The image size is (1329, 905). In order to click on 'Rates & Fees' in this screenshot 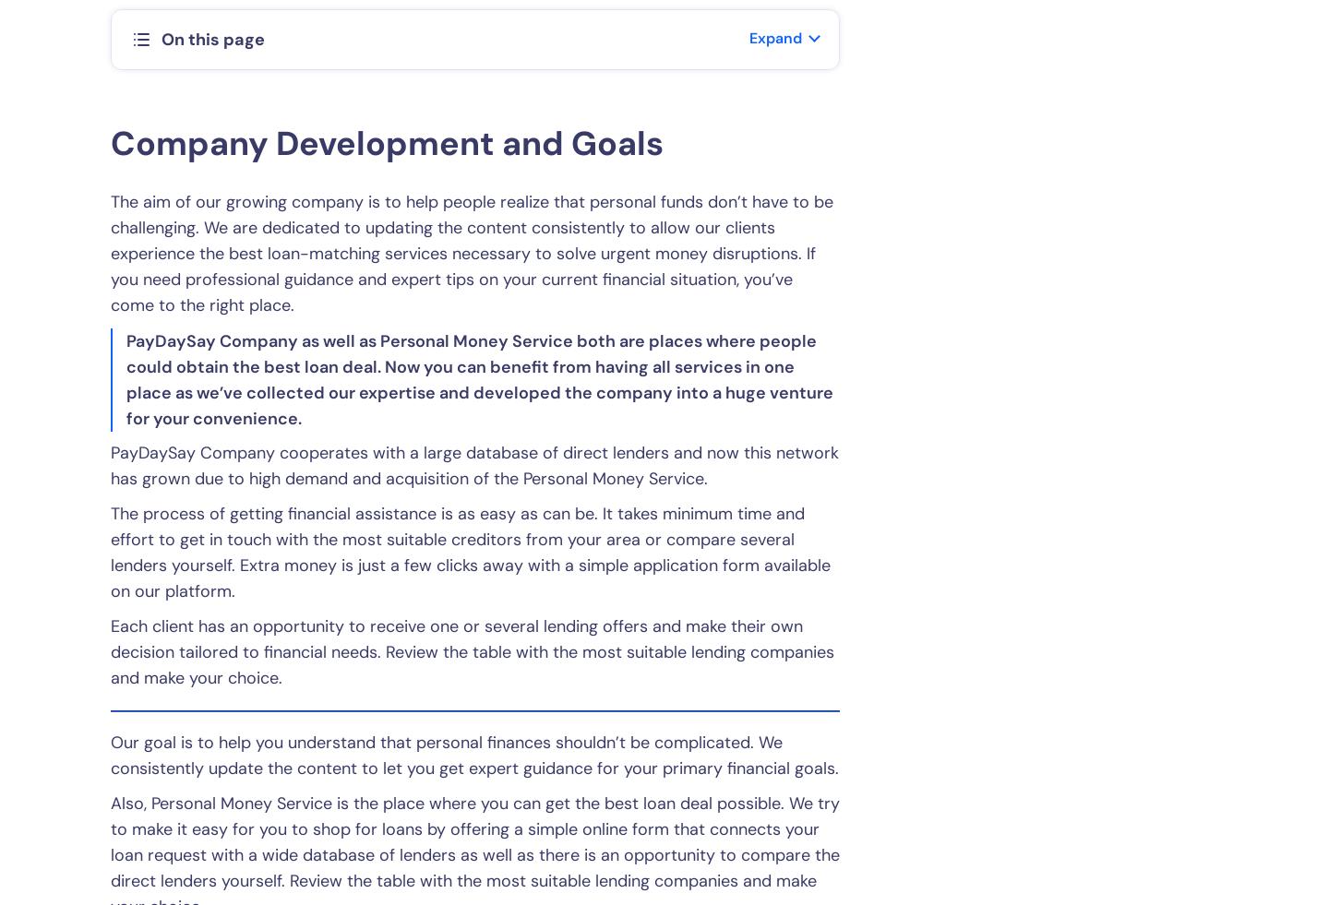, I will do `click(341, 518)`.